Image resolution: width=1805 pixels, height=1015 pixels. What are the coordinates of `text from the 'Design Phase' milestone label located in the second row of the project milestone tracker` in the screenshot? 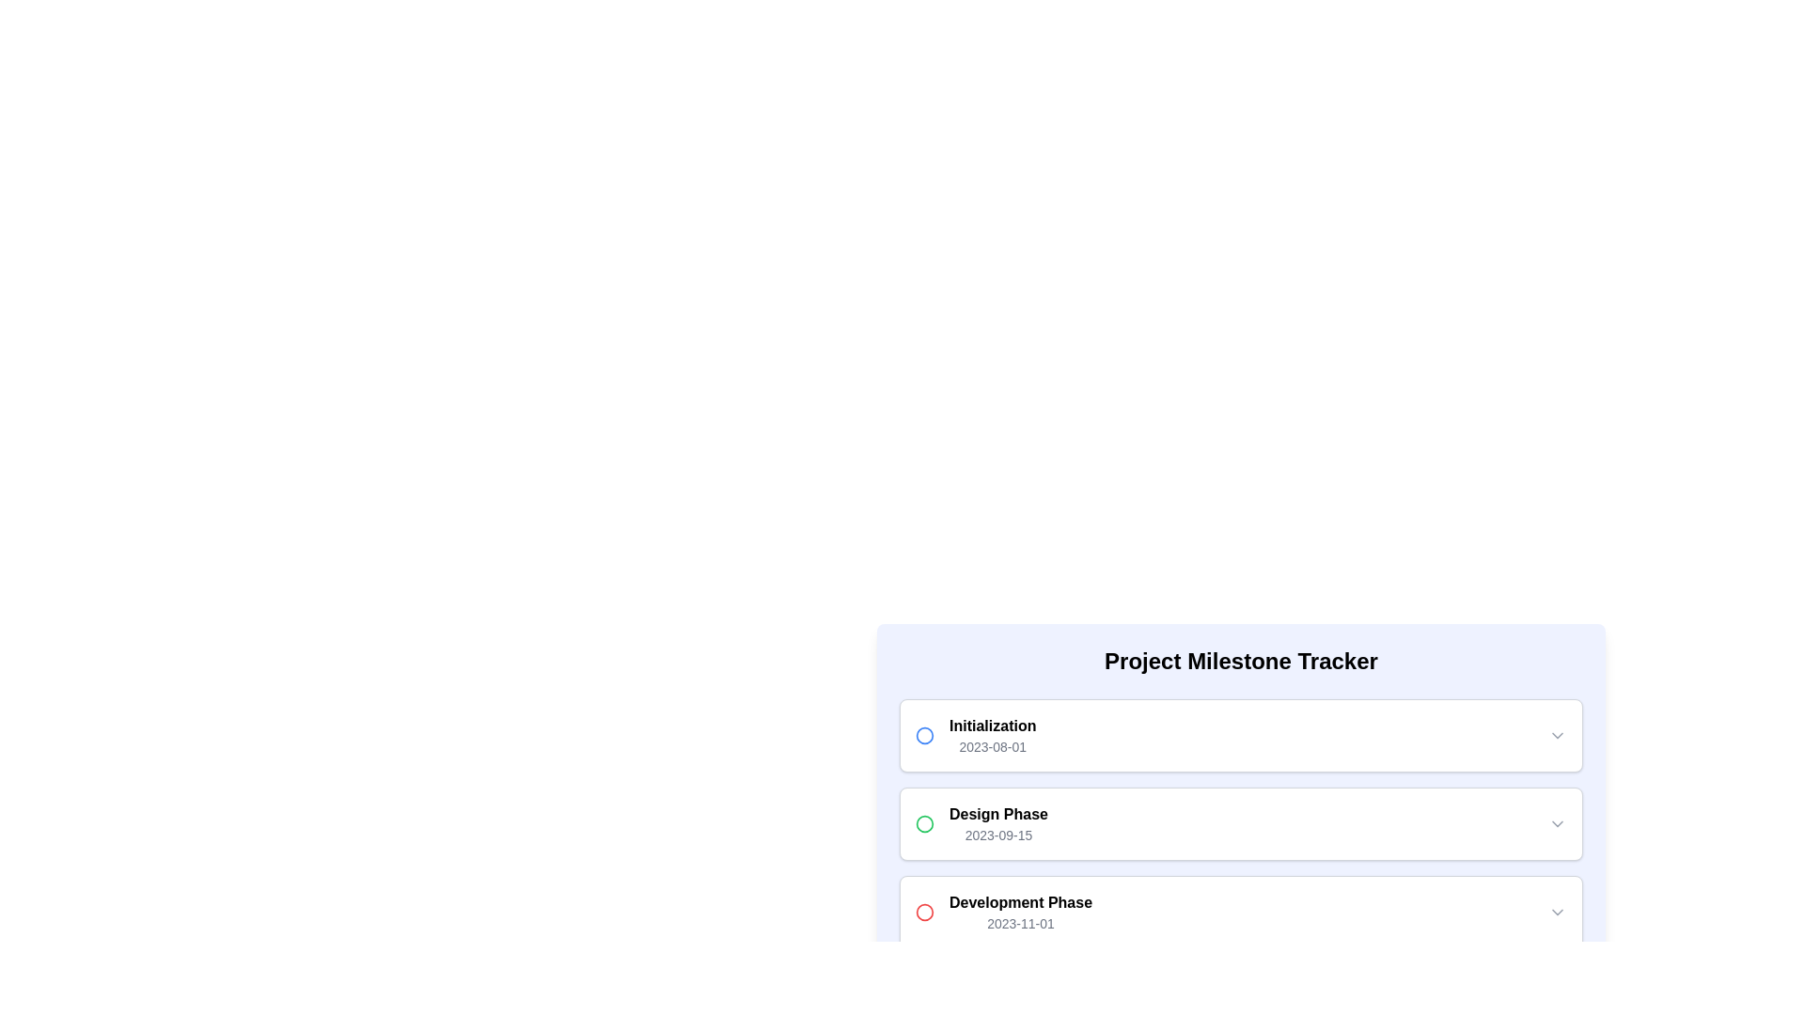 It's located at (997, 822).